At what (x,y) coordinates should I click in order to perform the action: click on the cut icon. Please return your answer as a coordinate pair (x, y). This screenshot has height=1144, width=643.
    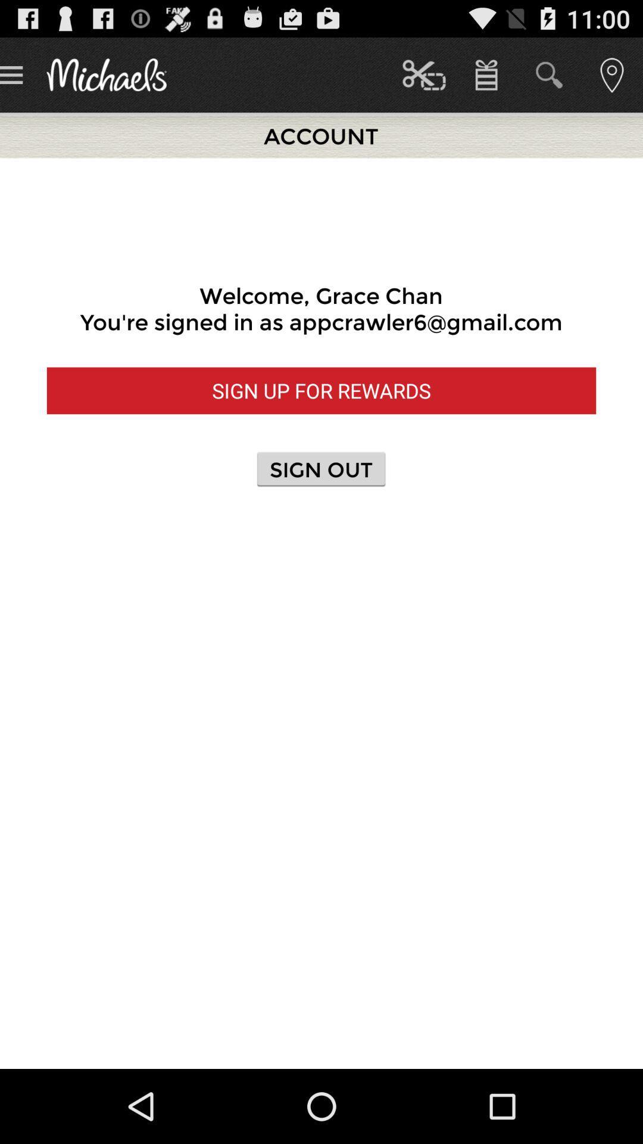
    Looking at the image, I should click on (423, 74).